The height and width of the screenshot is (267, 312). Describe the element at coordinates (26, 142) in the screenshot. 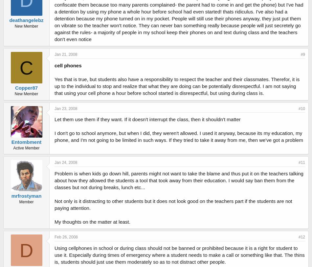

I see `'Entombment'` at that location.